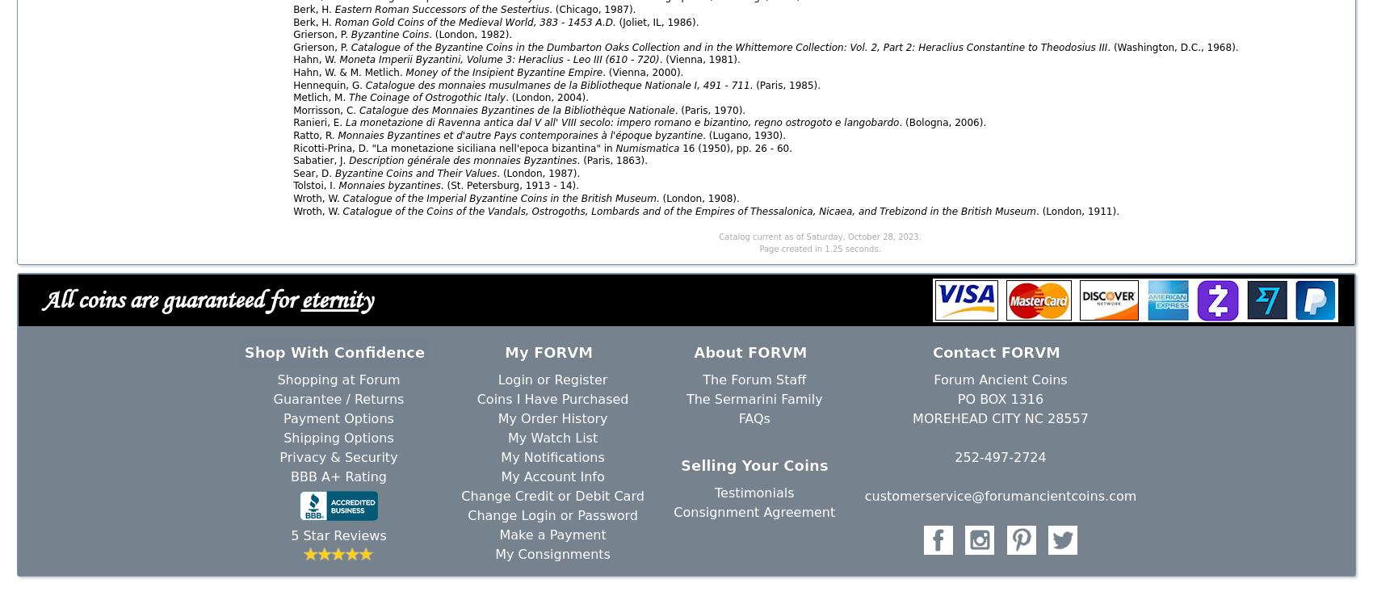 The image size is (1373, 600). What do you see at coordinates (415, 171) in the screenshot?
I see `'Byzantine Coins and Their Values'` at bounding box center [415, 171].